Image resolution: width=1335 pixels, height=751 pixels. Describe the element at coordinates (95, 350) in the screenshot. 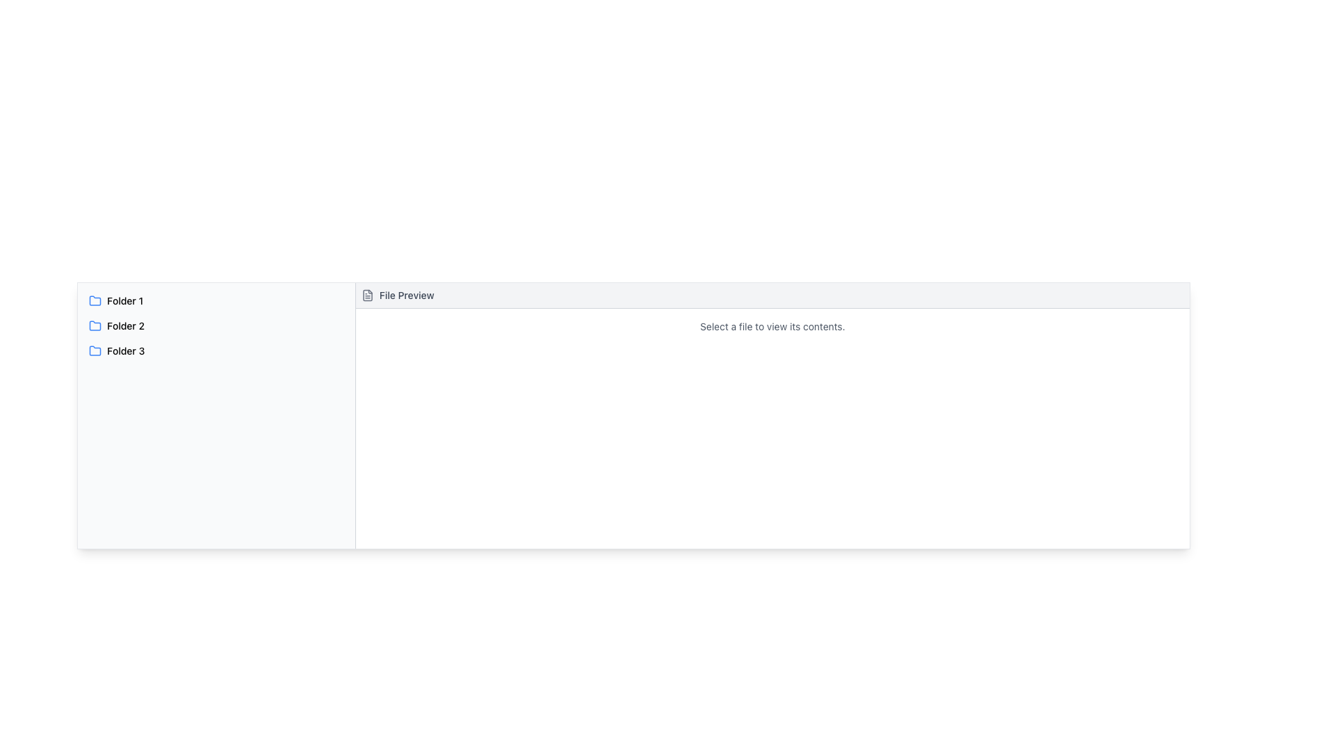

I see `the blue folder icon that represents 'Folder 3', which is located on the left-hand side of the interface in a vertically stacked list, preceding the text 'Folder 3'` at that location.